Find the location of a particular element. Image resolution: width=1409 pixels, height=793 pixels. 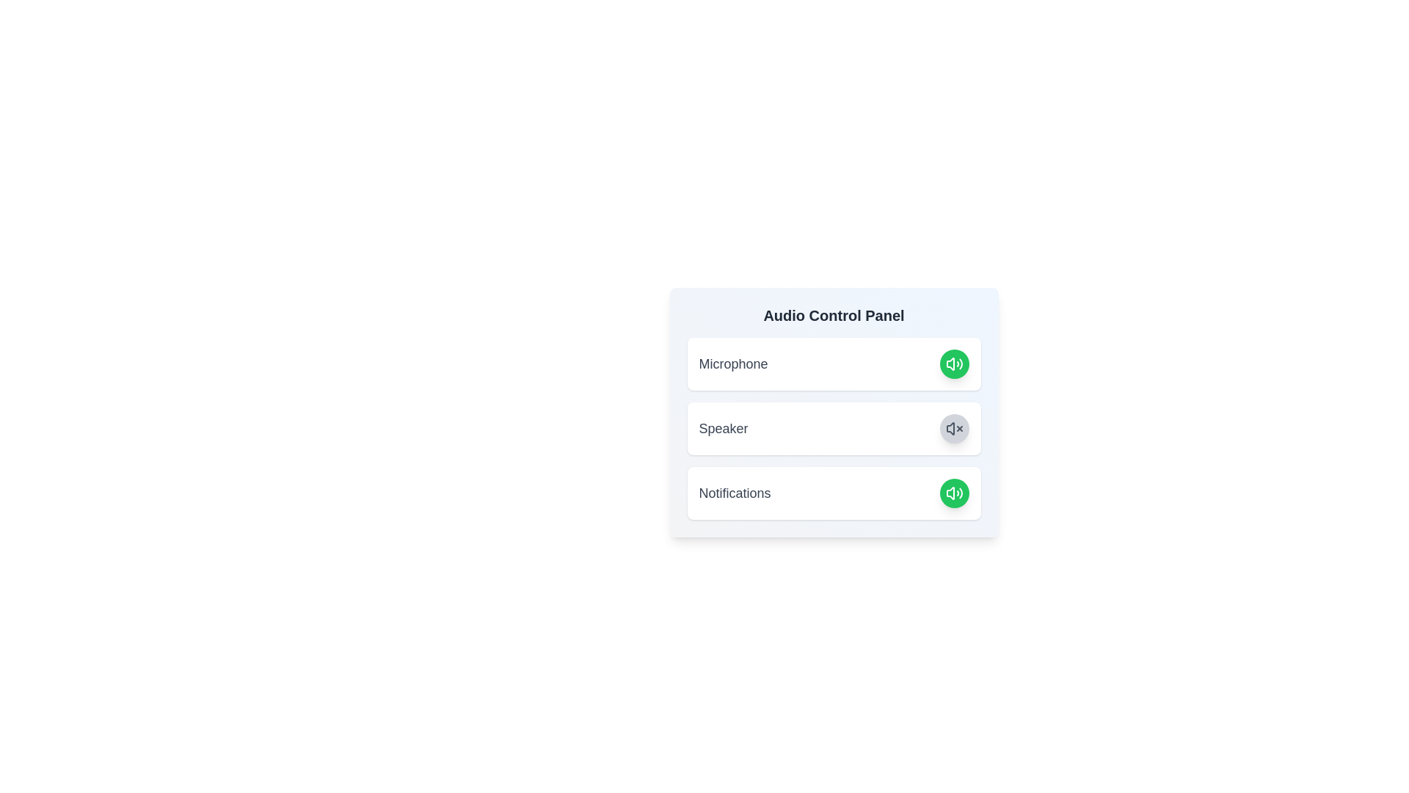

properties of the audio wave icon, which is a curved line styled as a thin outline located next to the 'Notifications' label in the Audio Control Panel is located at coordinates (961, 493).